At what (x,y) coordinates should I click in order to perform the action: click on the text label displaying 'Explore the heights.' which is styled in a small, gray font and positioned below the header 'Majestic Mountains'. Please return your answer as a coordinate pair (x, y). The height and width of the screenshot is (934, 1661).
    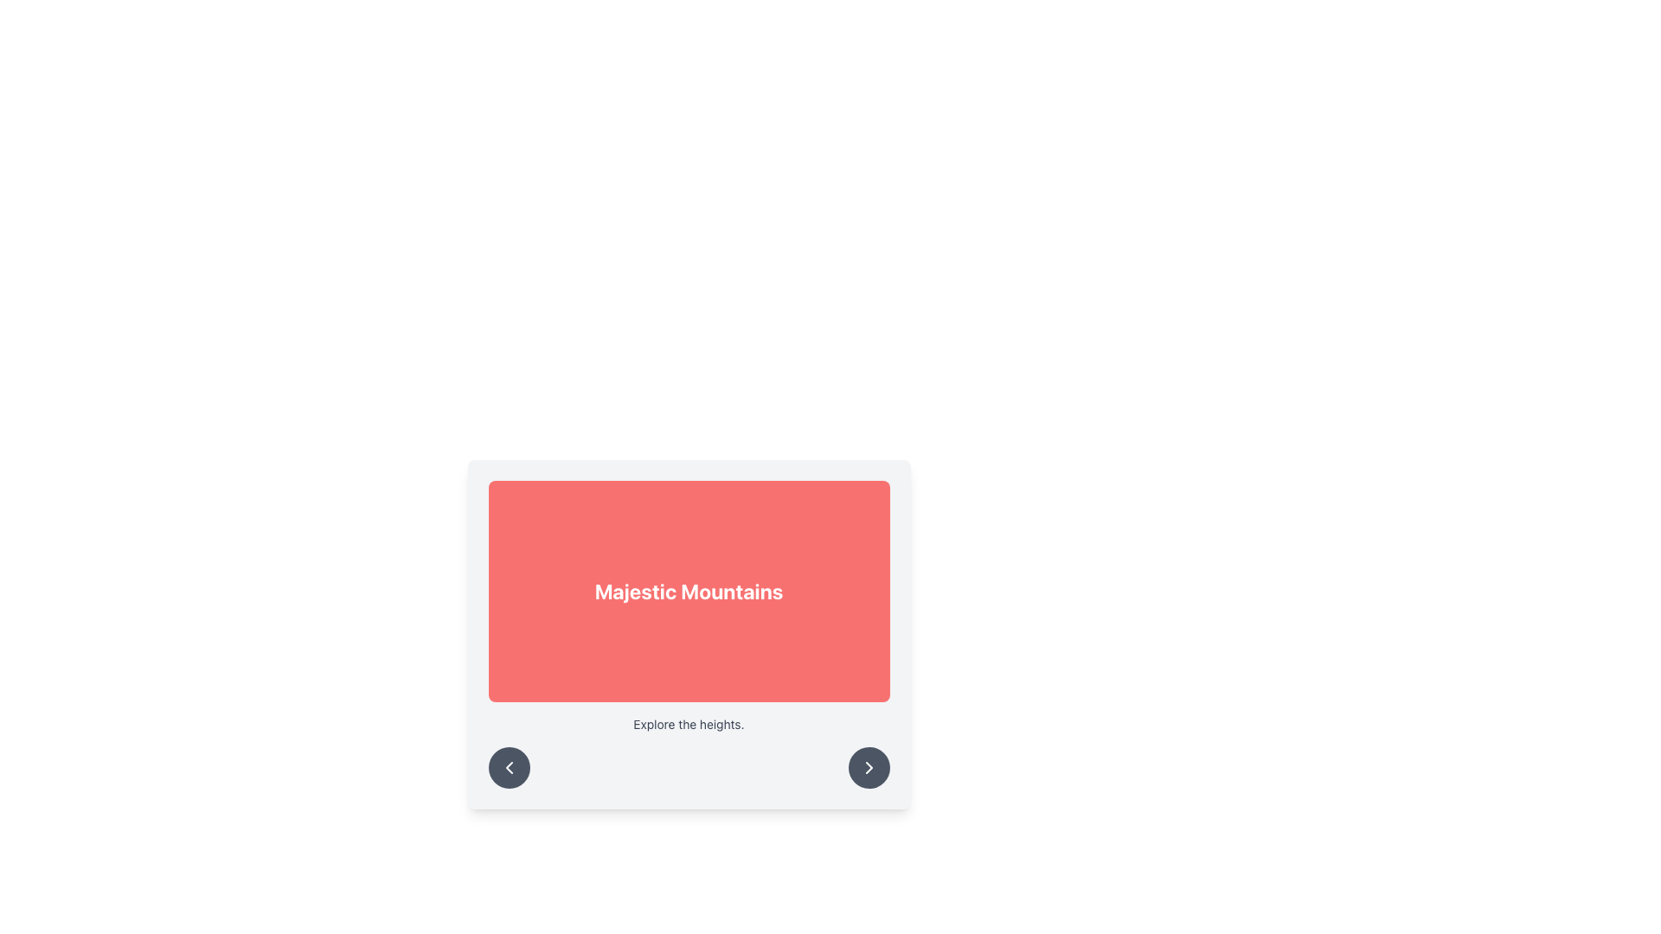
    Looking at the image, I should click on (688, 724).